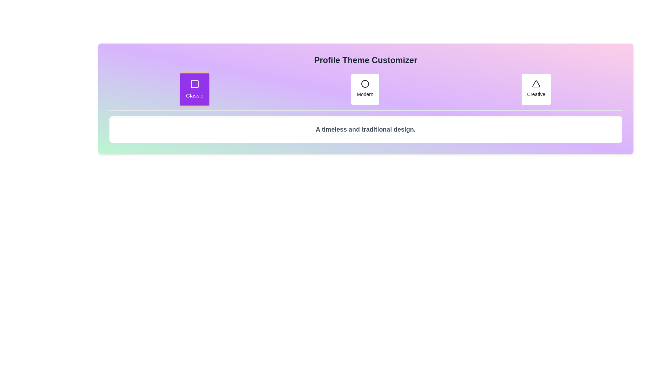 The image size is (669, 376). What do you see at coordinates (194, 84) in the screenshot?
I see `the central SVG Icon representing the 'Classic' theme within the first card of the 'Profile Theme Customizer'` at bounding box center [194, 84].